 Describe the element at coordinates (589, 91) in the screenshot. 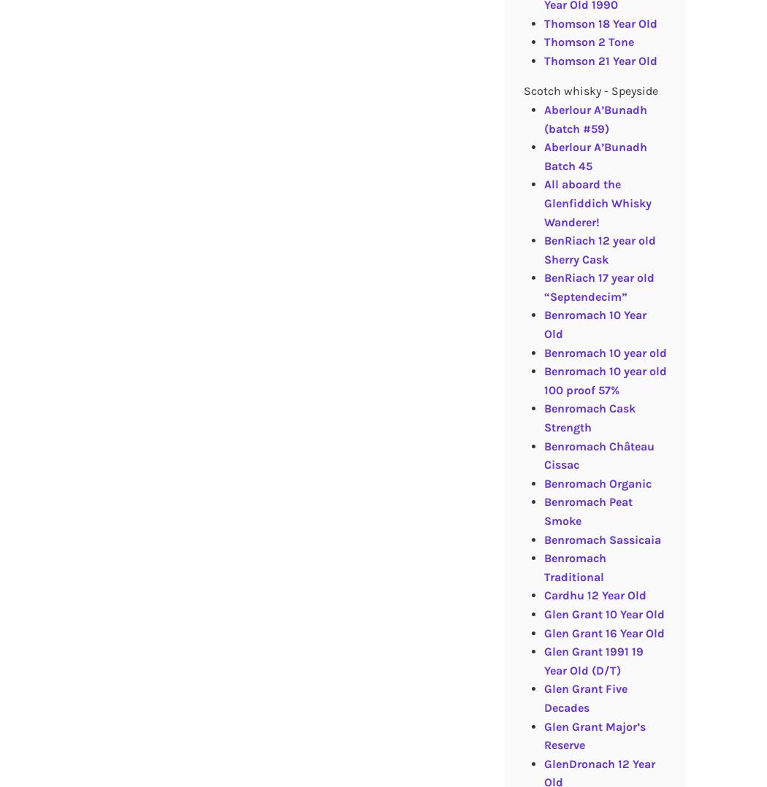

I see `'Scotch whisky - Speyside'` at that location.